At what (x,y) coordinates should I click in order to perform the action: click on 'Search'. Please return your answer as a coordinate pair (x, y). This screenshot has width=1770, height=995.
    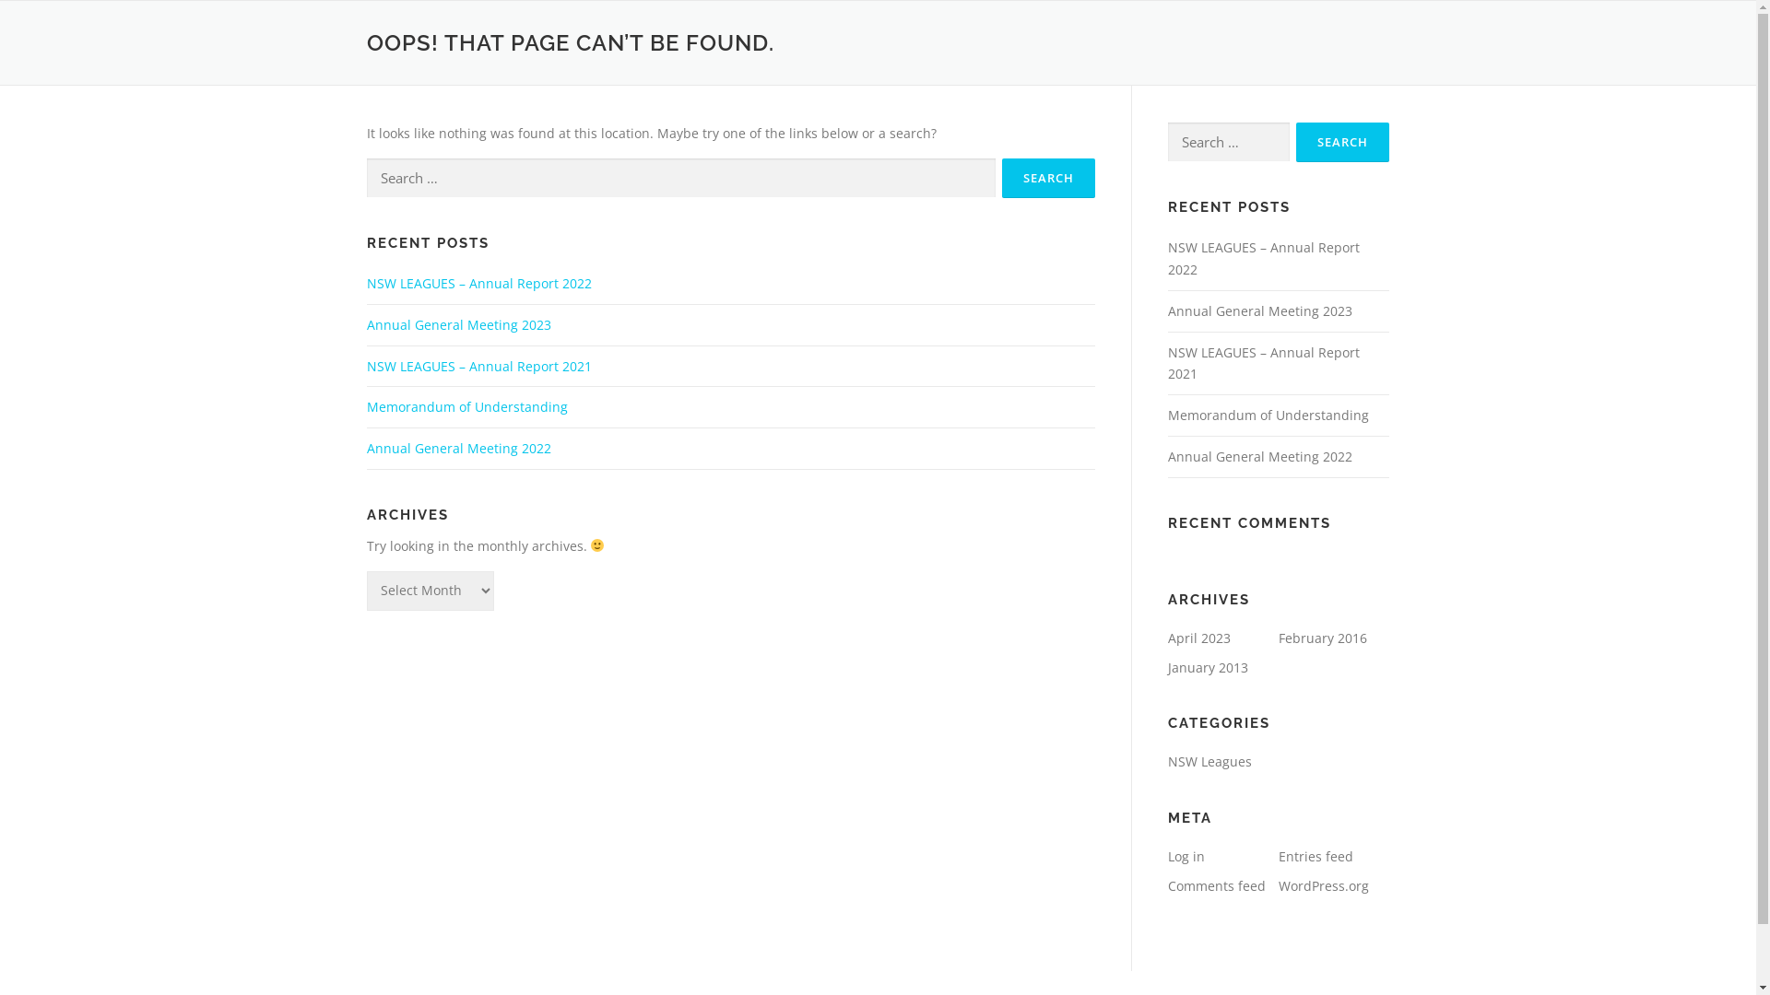
    Looking at the image, I should click on (1047, 178).